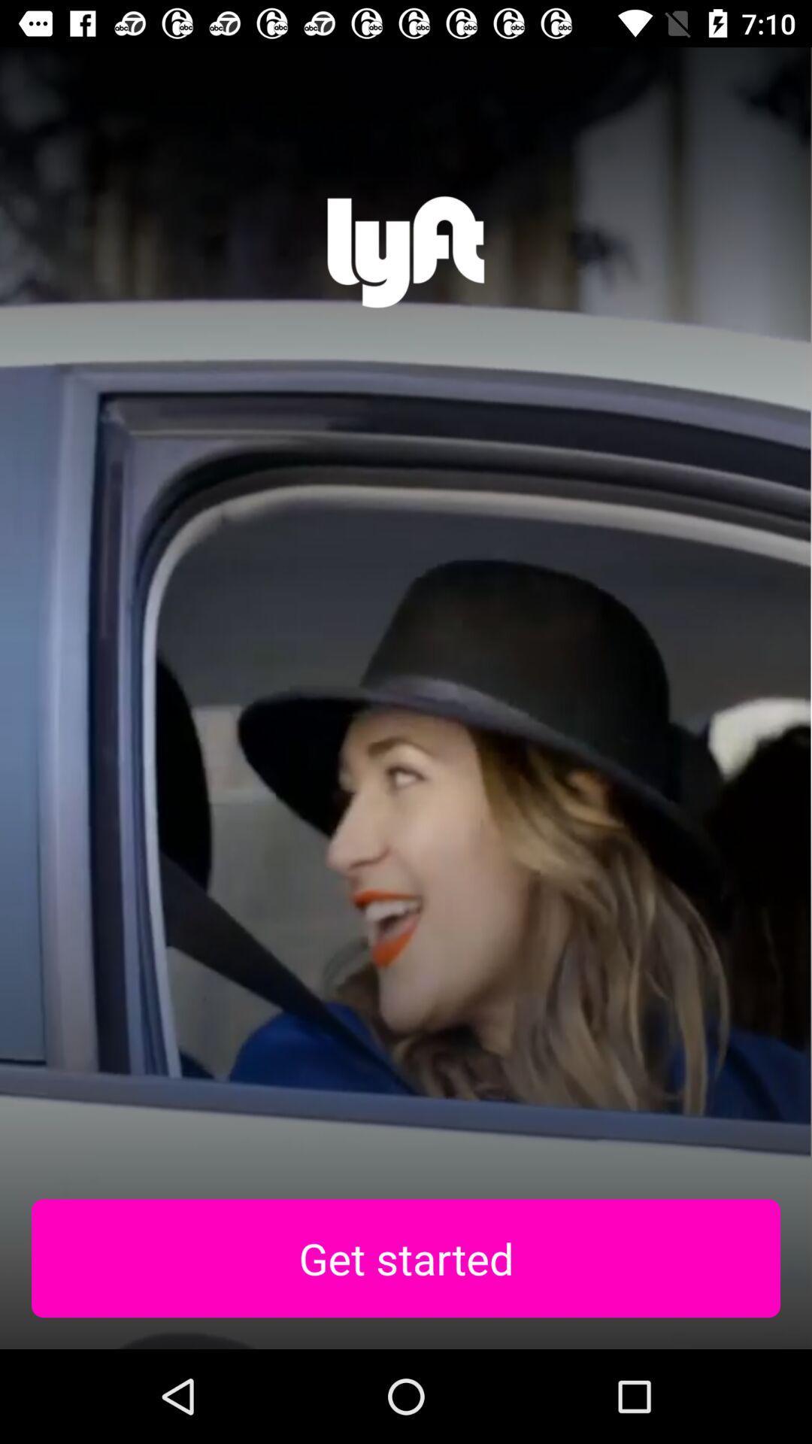  I want to click on get started app, so click(406, 1258).